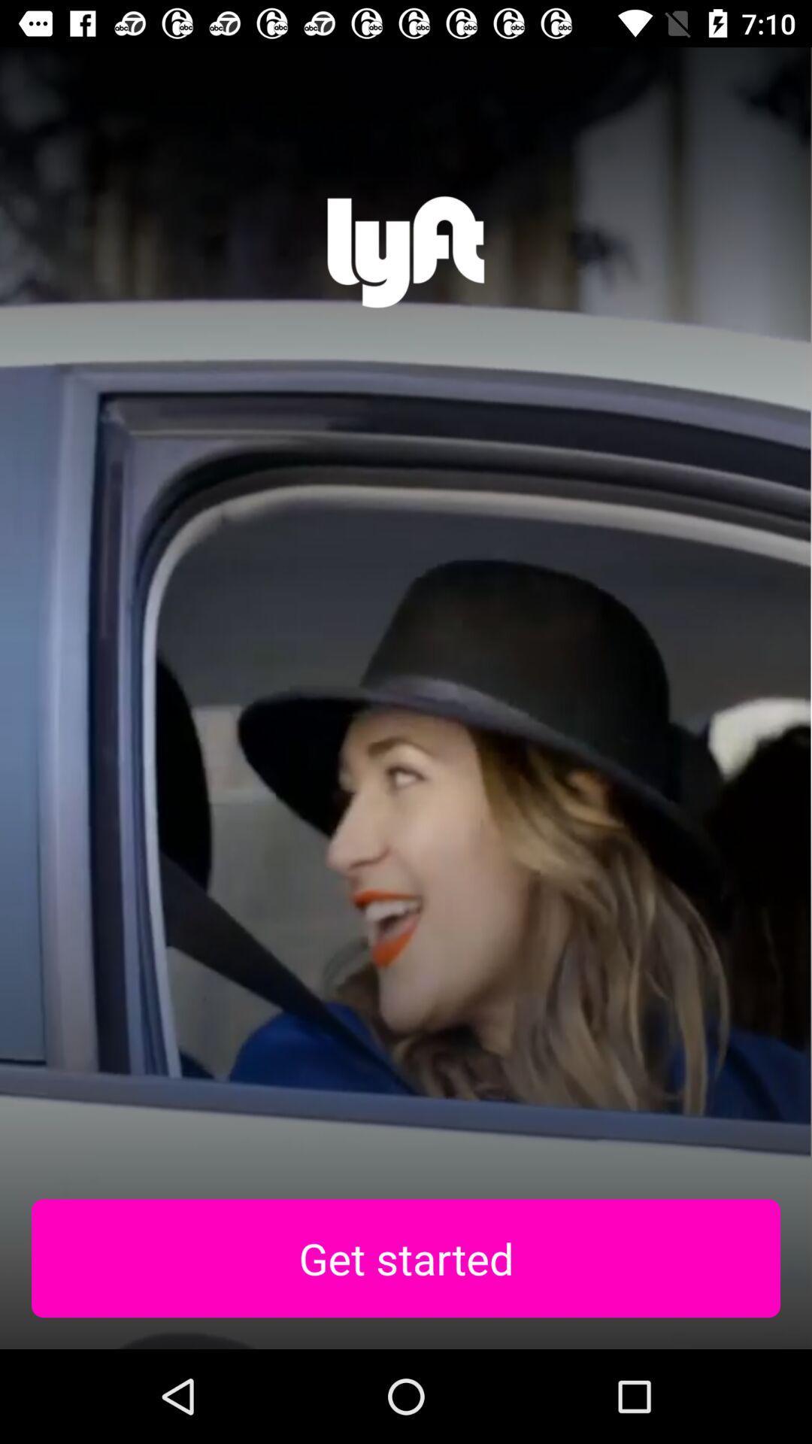  I want to click on get started app, so click(406, 1258).